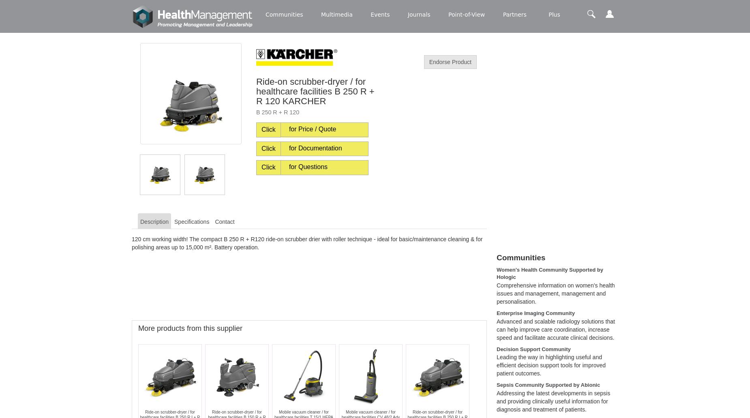  I want to click on 'Point-of-View', so click(466, 14).